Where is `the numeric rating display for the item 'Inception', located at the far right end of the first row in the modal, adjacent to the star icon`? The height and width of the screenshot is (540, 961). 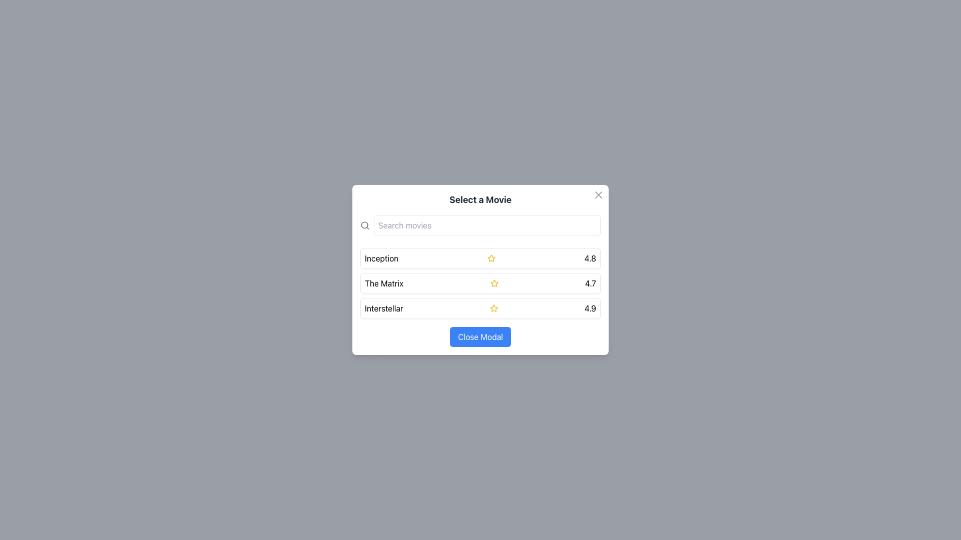
the numeric rating display for the item 'Inception', located at the far right end of the first row in the modal, adjacent to the star icon is located at coordinates (590, 257).